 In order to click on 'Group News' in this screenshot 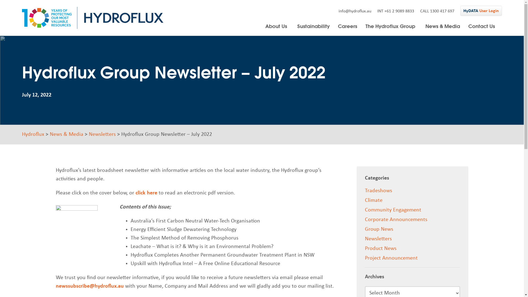, I will do `click(379, 229)`.